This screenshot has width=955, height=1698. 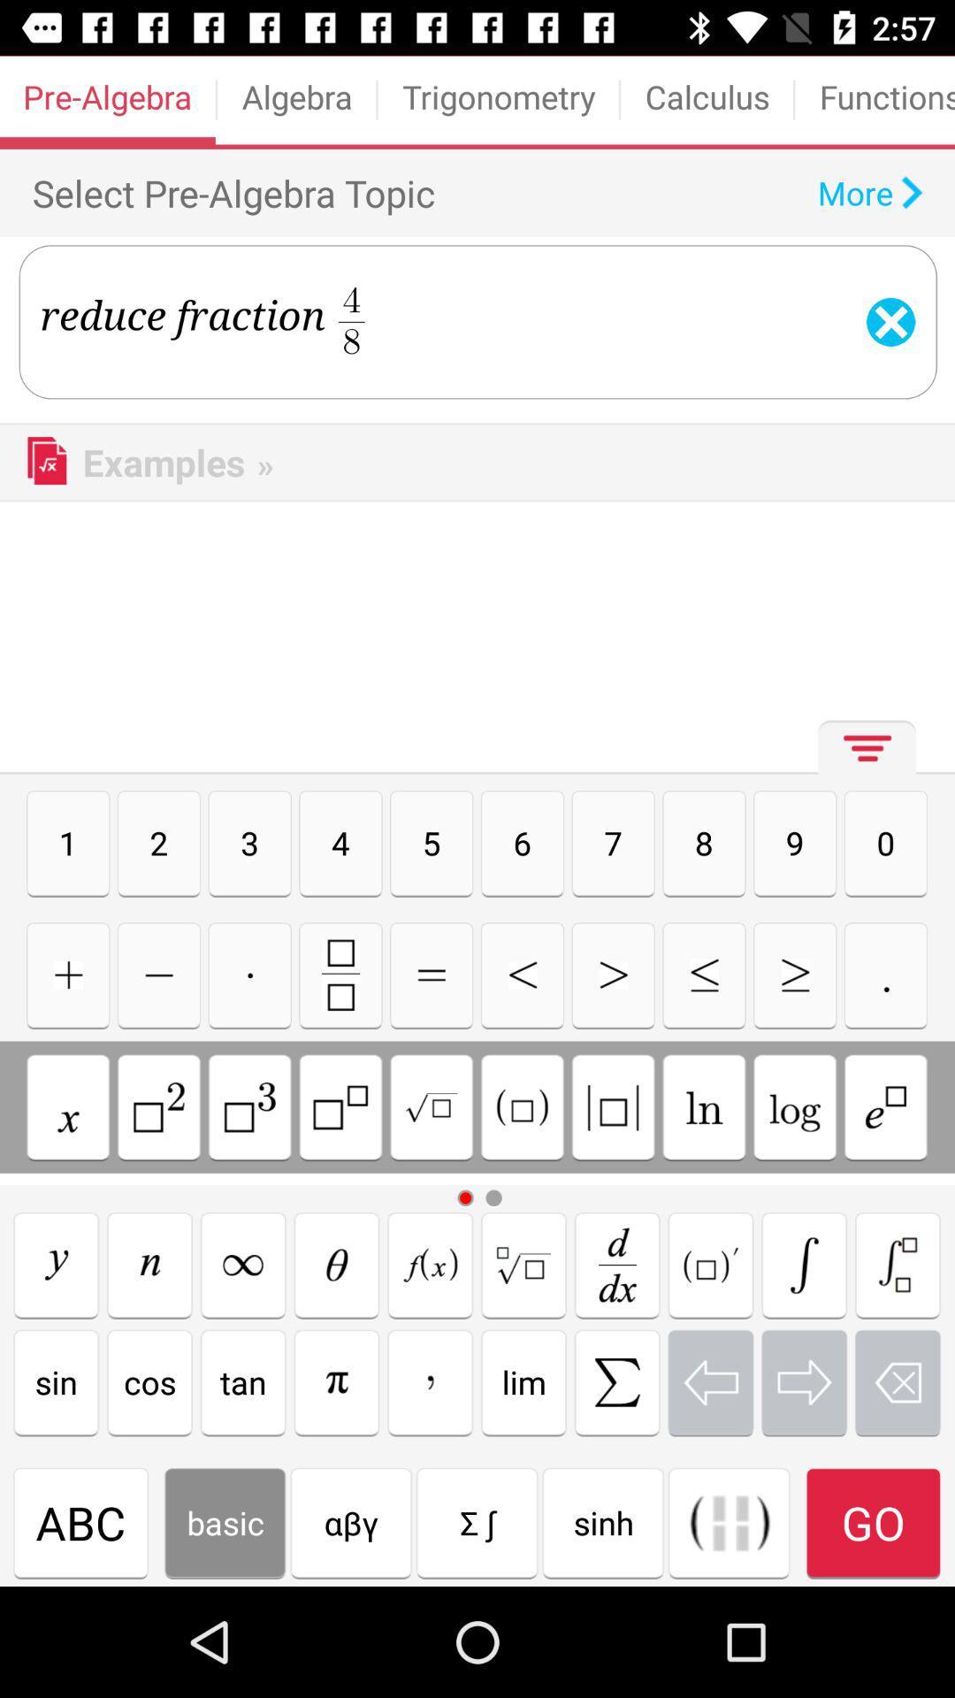 What do you see at coordinates (432, 1106) in the screenshot?
I see `square root` at bounding box center [432, 1106].